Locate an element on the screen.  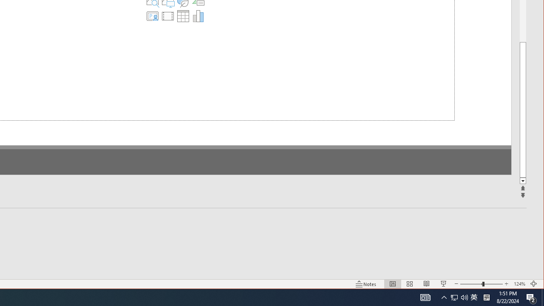
'Zoom 124%' is located at coordinates (519, 284).